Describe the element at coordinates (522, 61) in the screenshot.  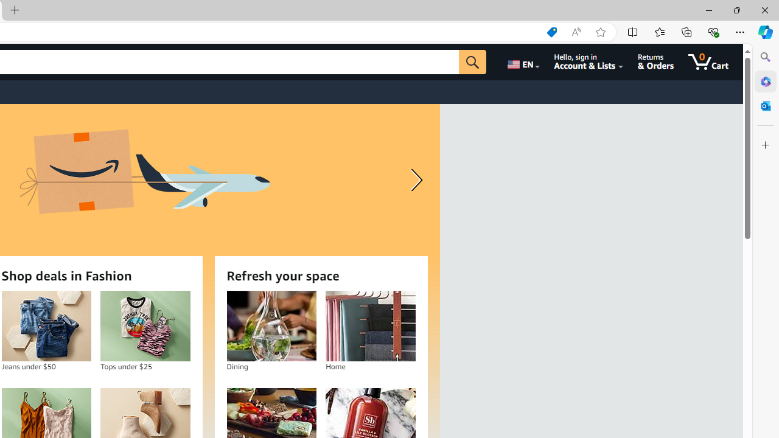
I see `'Choose a language for shopping.'` at that location.